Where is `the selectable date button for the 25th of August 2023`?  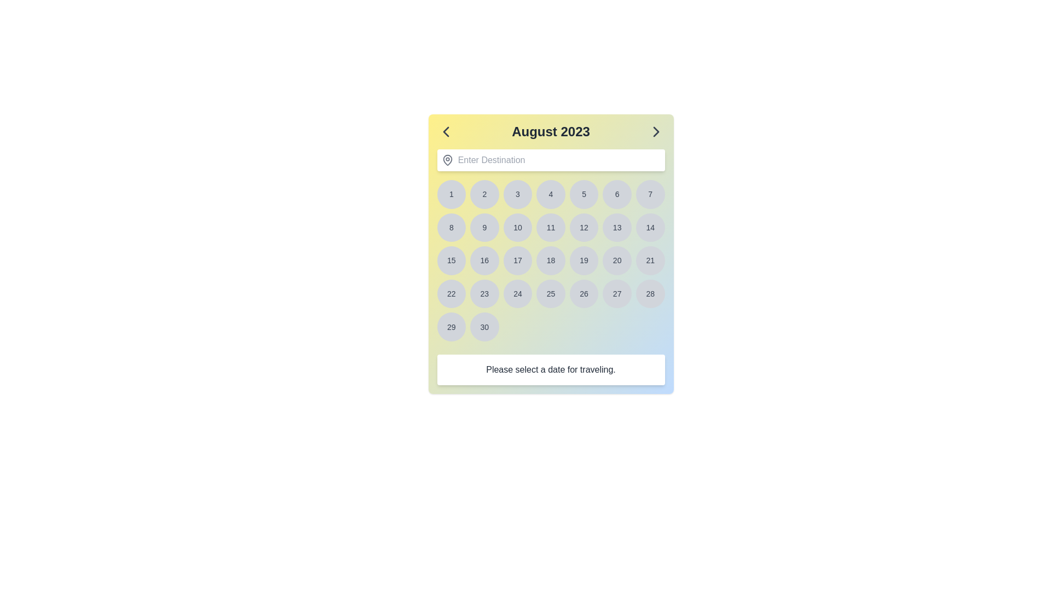
the selectable date button for the 25th of August 2023 is located at coordinates (551, 293).